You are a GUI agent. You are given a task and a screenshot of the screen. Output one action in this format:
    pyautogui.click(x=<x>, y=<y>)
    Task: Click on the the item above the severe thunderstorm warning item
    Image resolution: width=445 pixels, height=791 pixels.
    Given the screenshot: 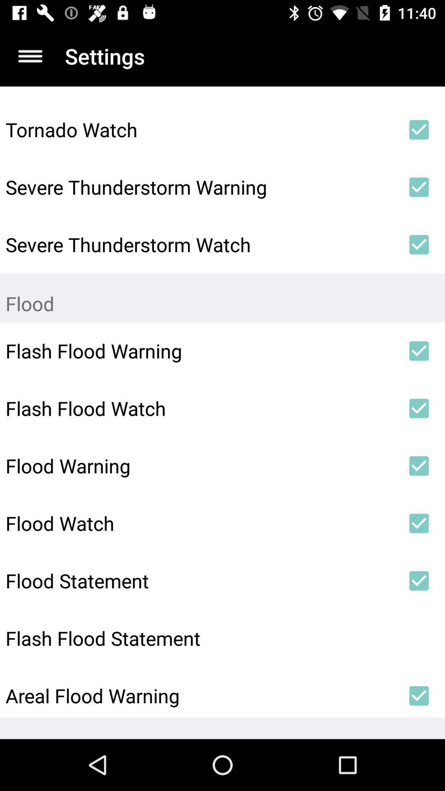 What is the action you would take?
    pyautogui.click(x=199, y=129)
    